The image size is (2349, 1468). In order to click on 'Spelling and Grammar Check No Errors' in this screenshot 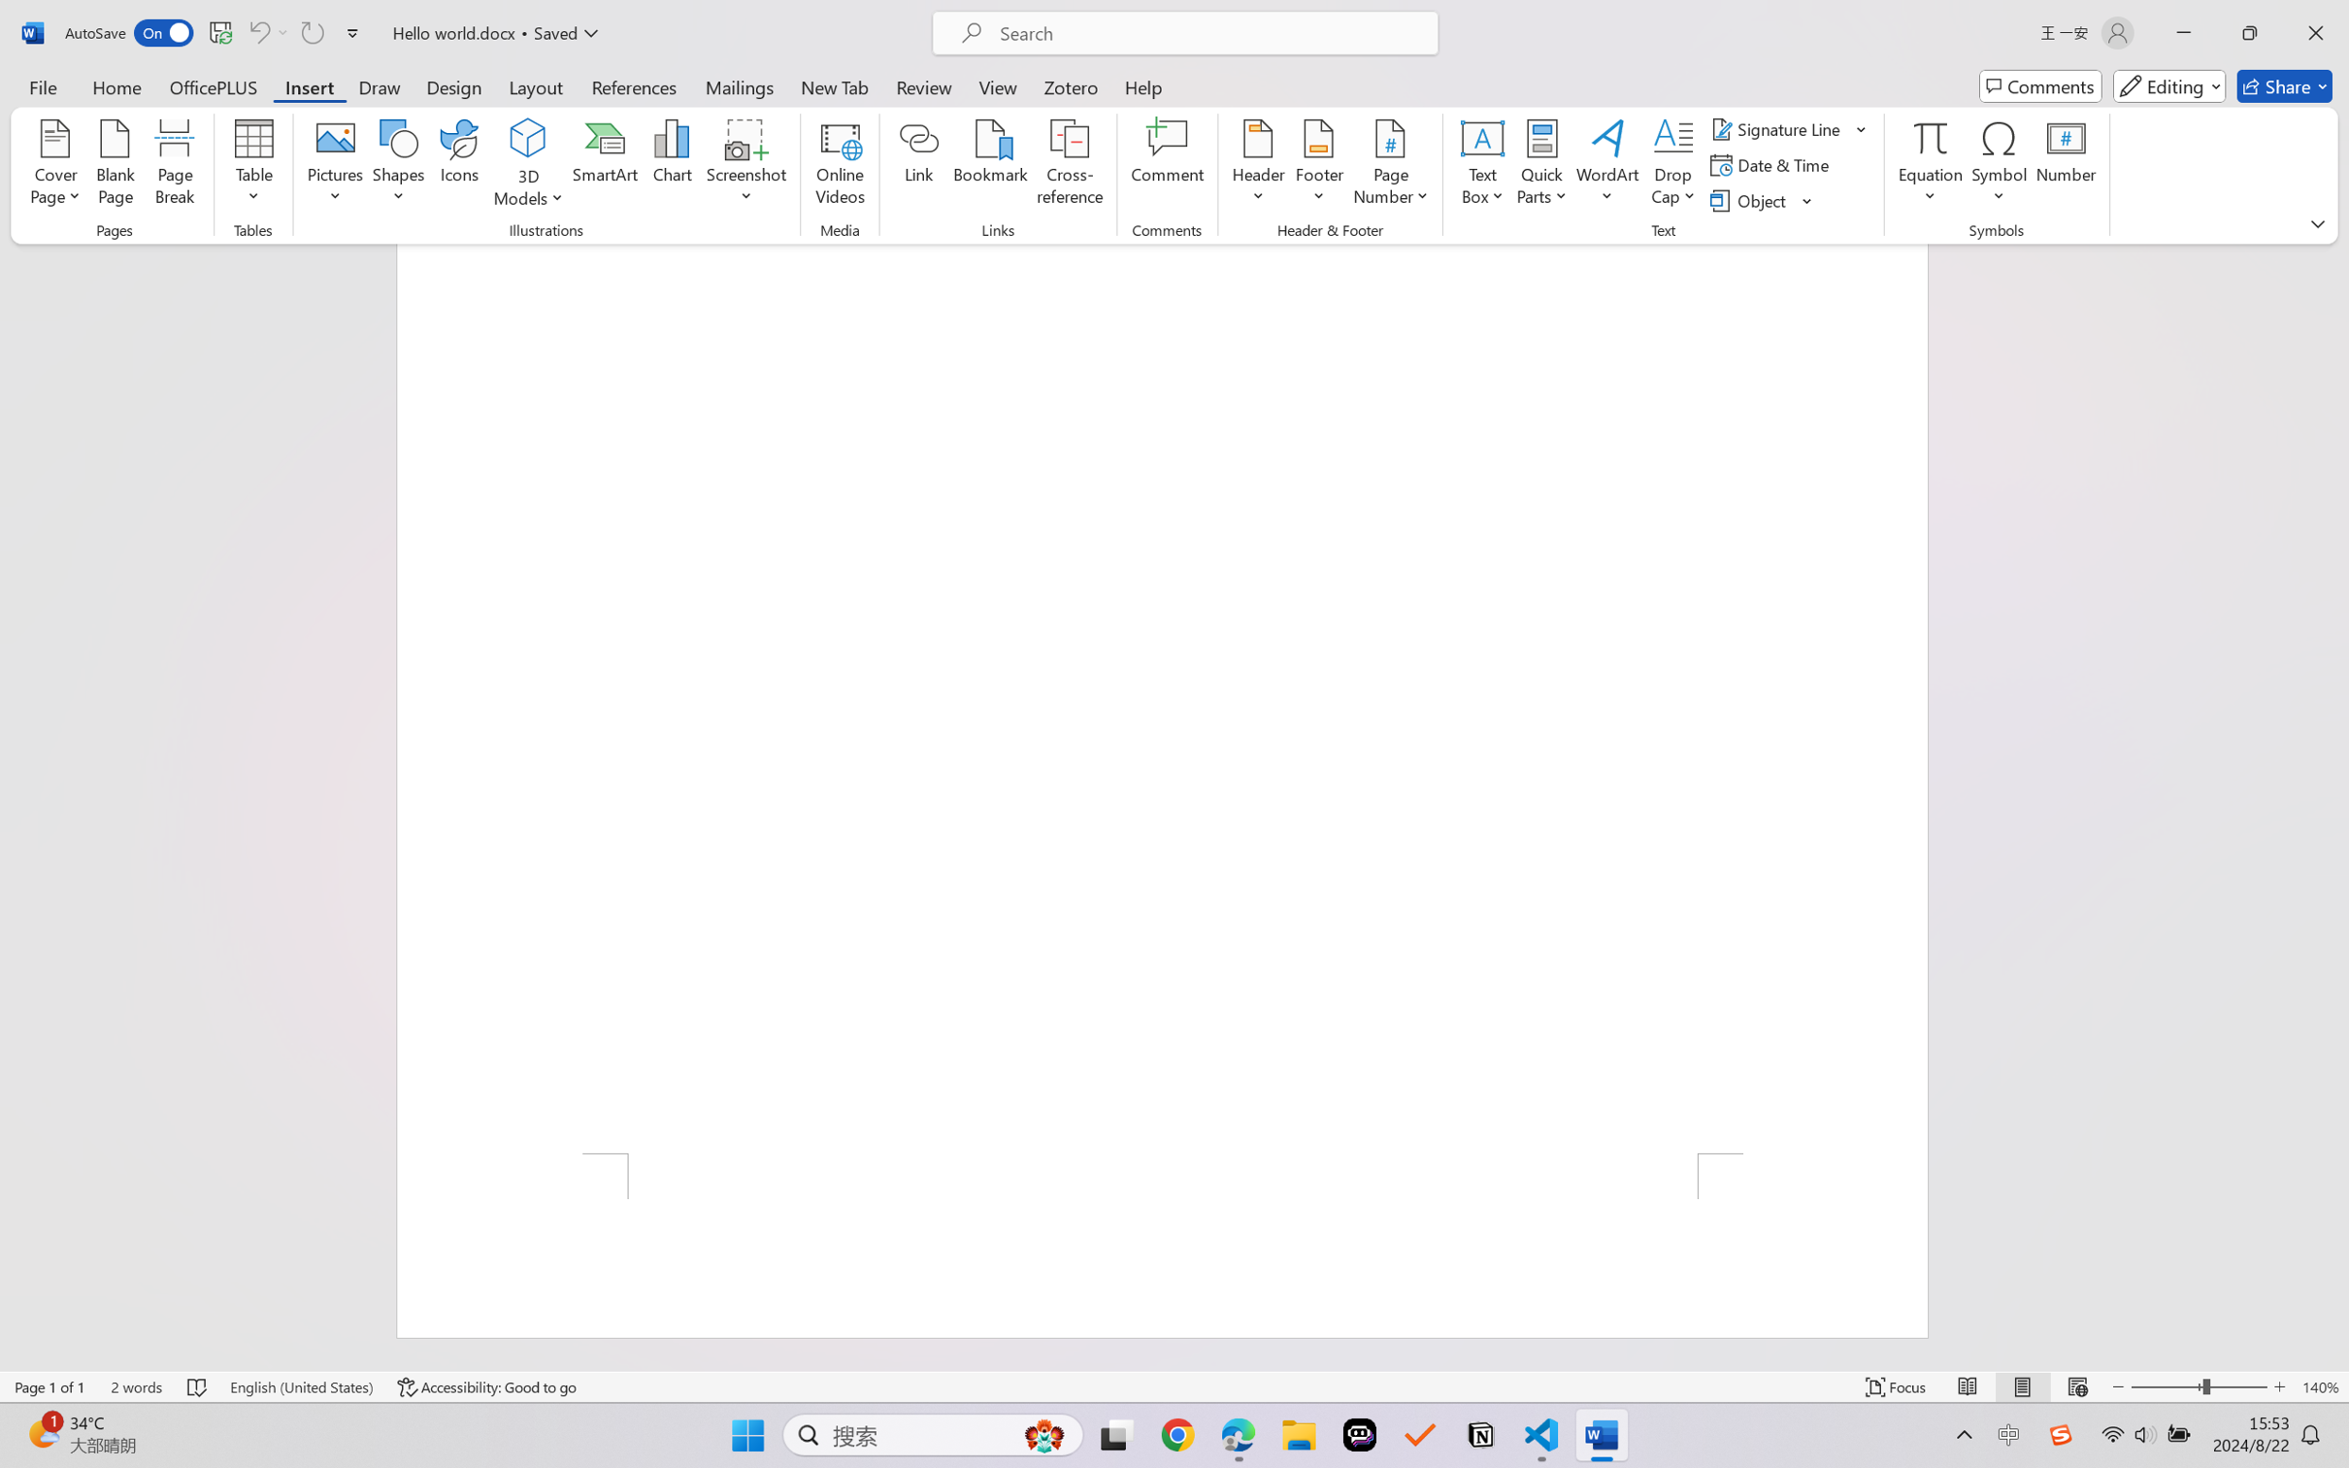, I will do `click(197, 1386)`.